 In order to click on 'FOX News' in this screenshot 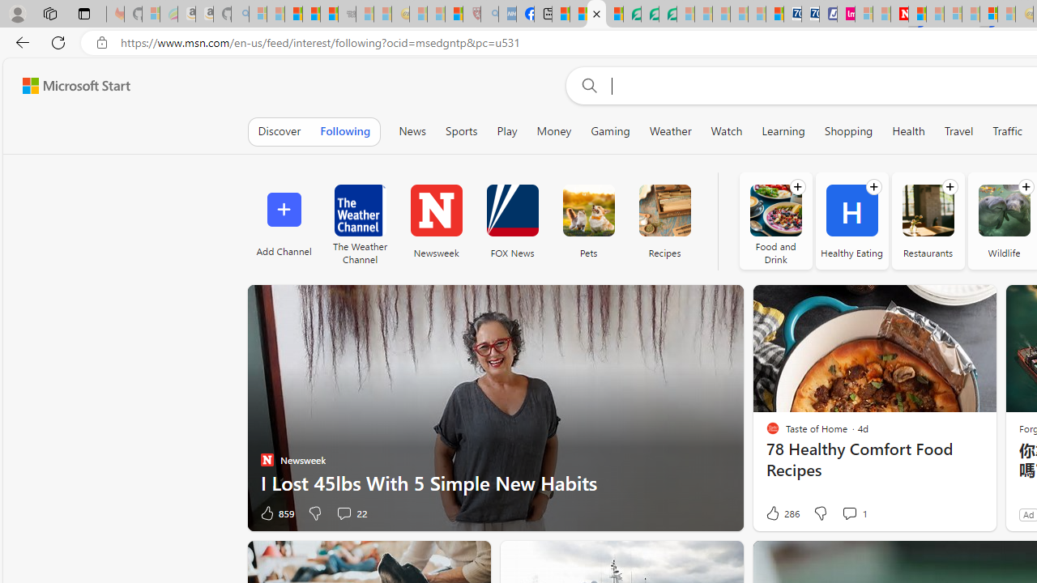, I will do `click(511, 220)`.